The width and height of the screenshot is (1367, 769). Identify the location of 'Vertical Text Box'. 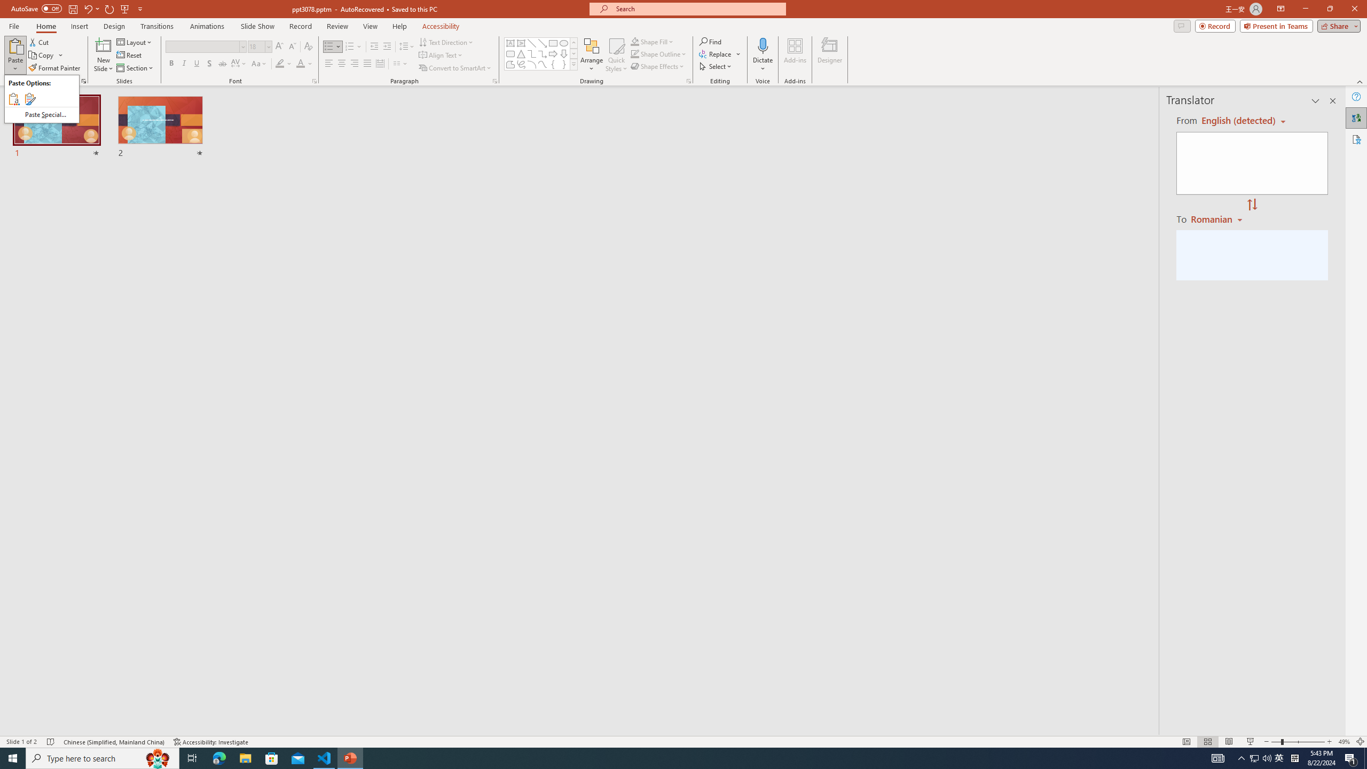
(520, 43).